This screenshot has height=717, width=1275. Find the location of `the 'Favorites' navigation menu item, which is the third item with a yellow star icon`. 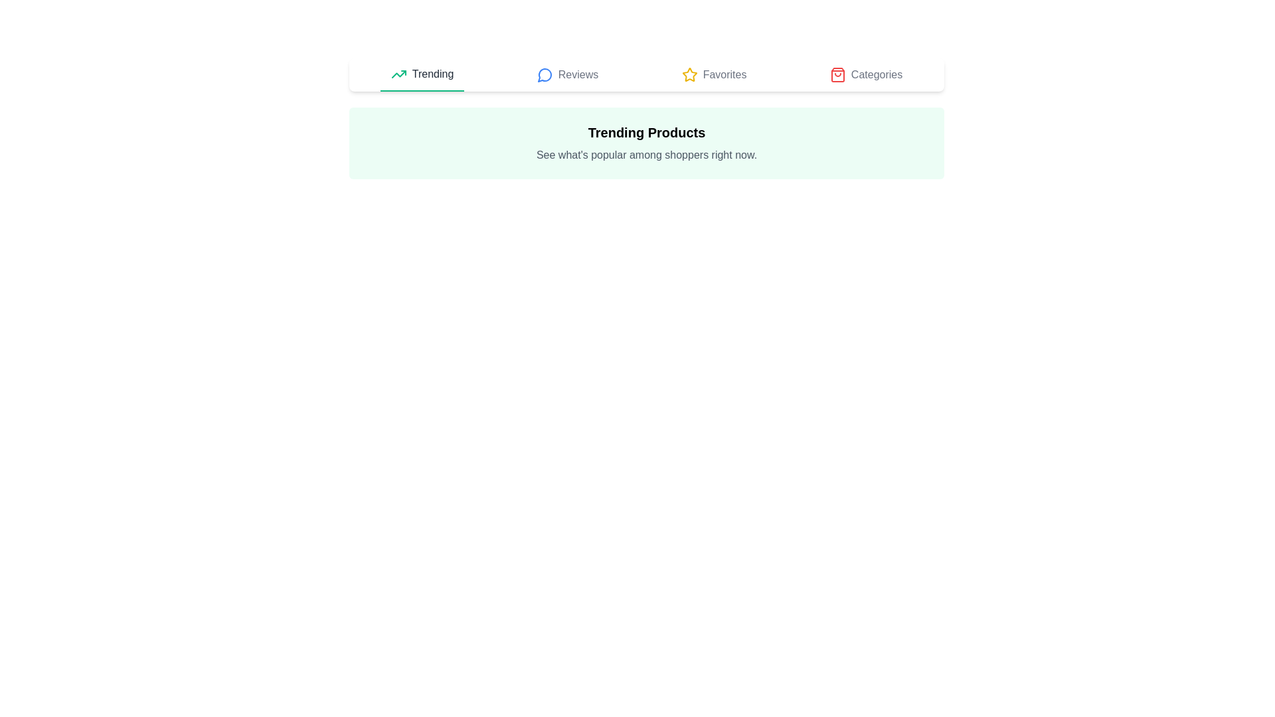

the 'Favorites' navigation menu item, which is the third item with a yellow star icon is located at coordinates (713, 74).